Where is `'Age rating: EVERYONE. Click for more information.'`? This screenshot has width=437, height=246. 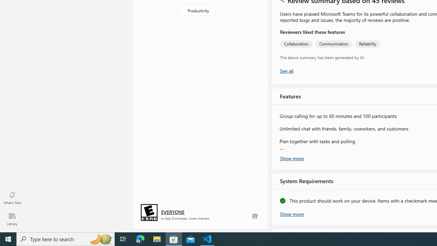
'Age rating: EVERYONE. Click for more information.' is located at coordinates (173, 211).